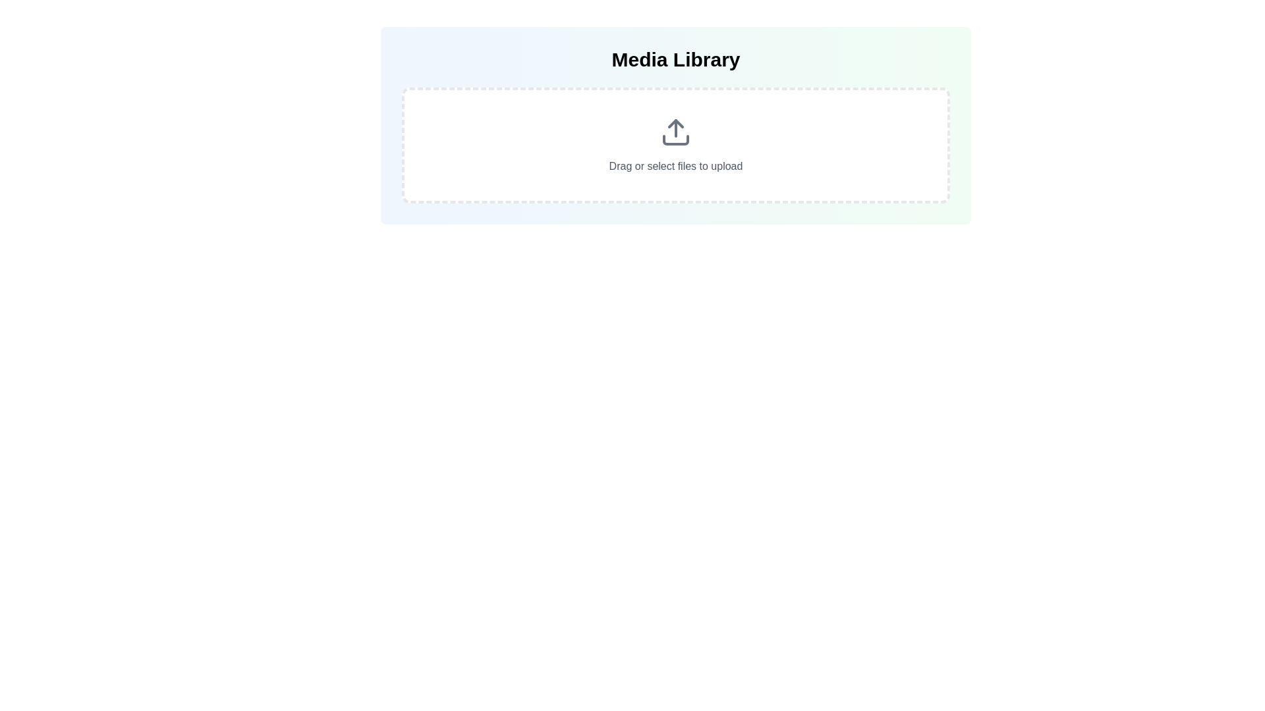 This screenshot has width=1265, height=711. I want to click on the text label that informs users about the option to drag or select files to upload into the system, which is located within a rounded, dashed-bordered section near the center, so click(676, 166).